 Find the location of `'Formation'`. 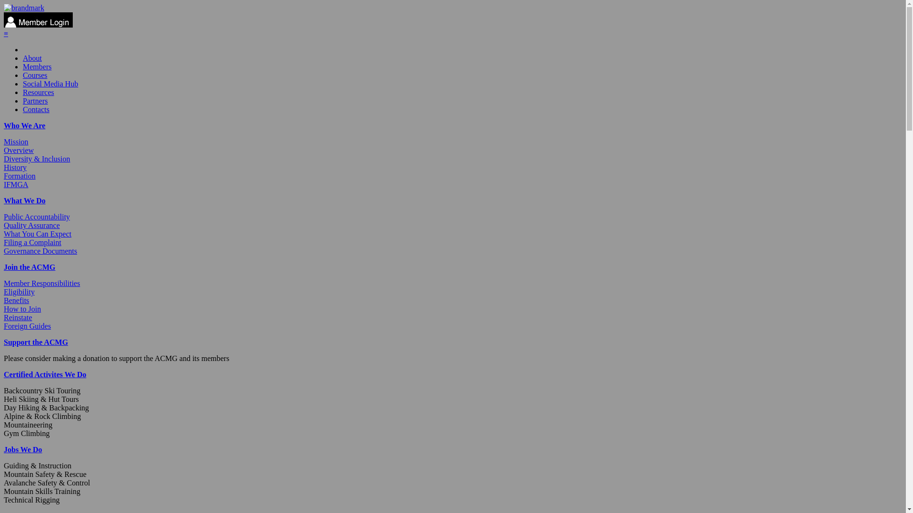

'Formation' is located at coordinates (19, 176).